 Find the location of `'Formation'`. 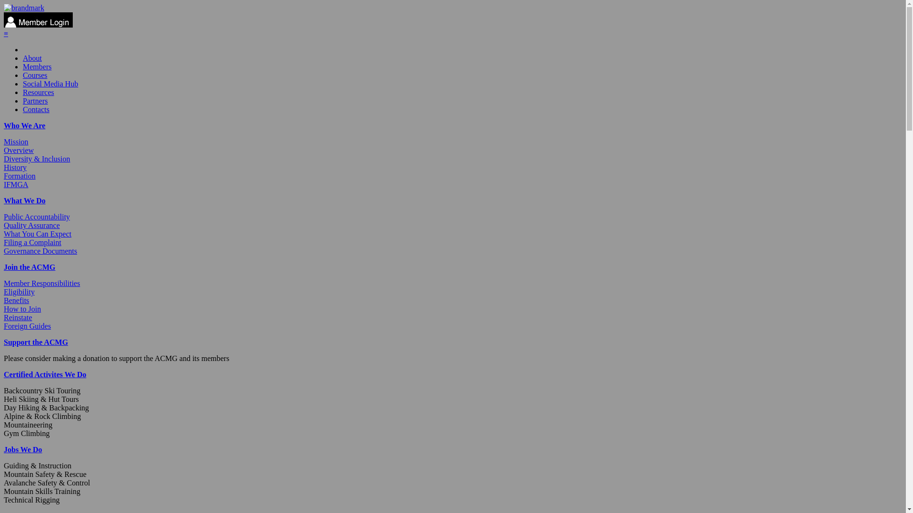

'Formation' is located at coordinates (19, 176).